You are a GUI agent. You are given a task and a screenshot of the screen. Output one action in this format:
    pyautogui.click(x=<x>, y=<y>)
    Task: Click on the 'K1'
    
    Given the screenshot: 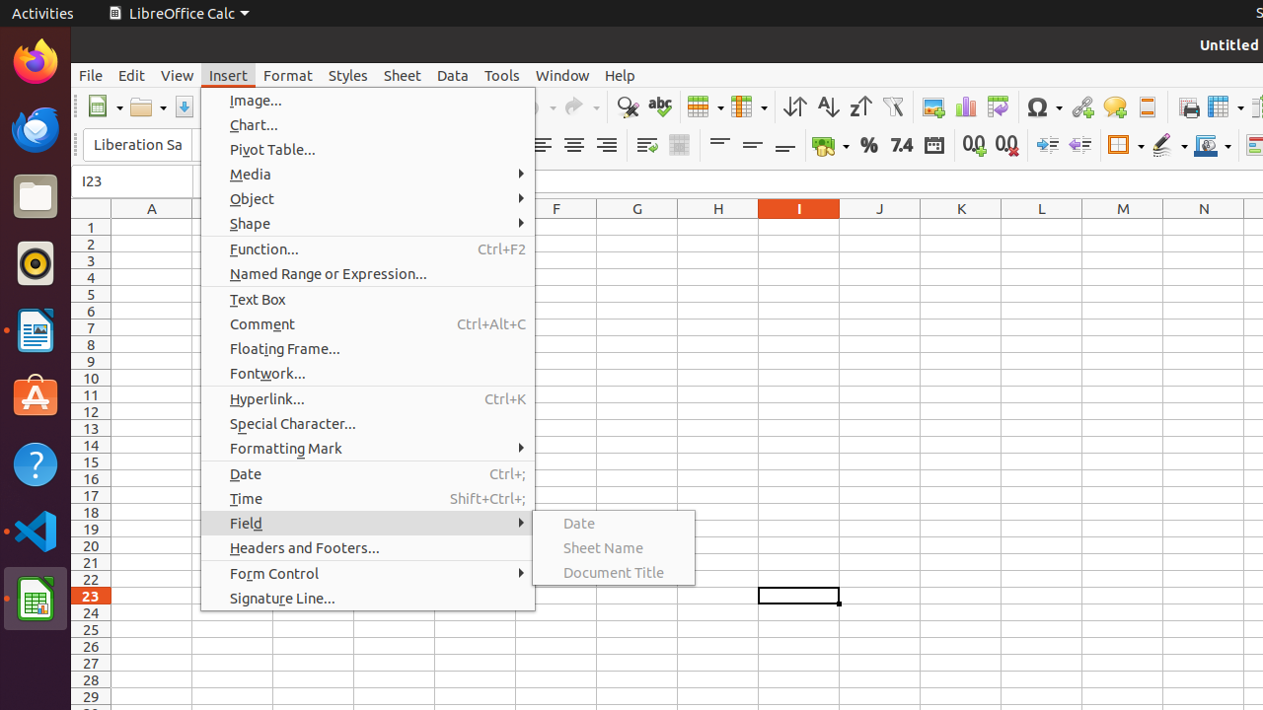 What is the action you would take?
    pyautogui.click(x=960, y=226)
    